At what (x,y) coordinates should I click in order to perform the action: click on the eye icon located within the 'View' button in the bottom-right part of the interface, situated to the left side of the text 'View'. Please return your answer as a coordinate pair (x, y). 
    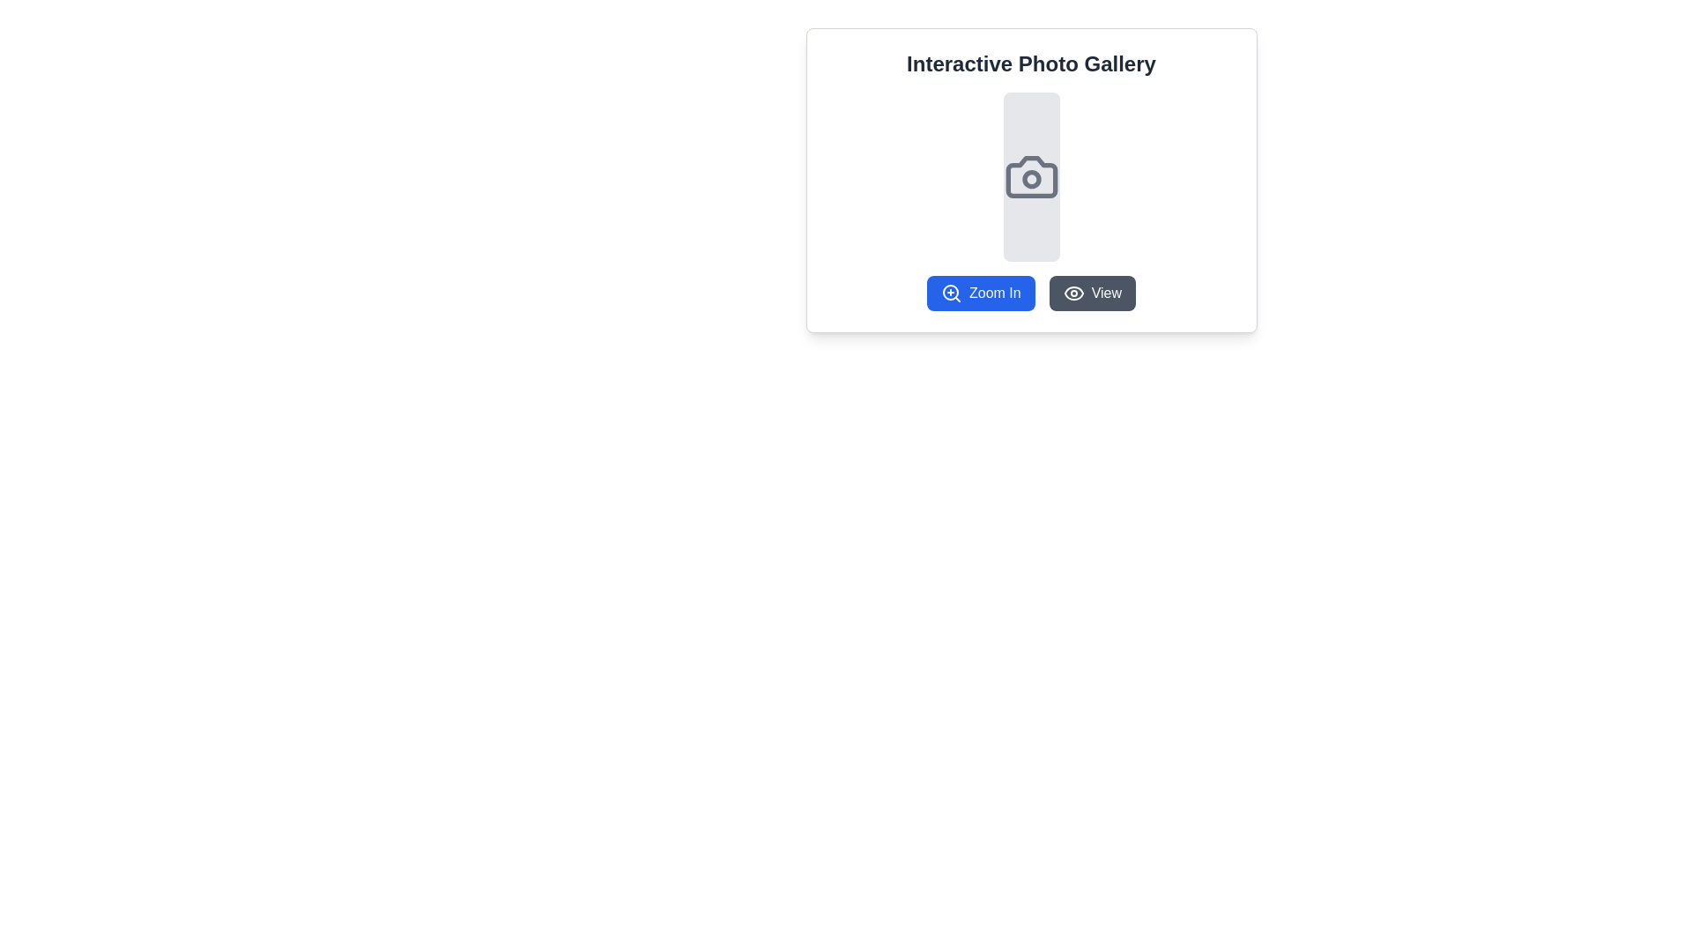
    Looking at the image, I should click on (1072, 292).